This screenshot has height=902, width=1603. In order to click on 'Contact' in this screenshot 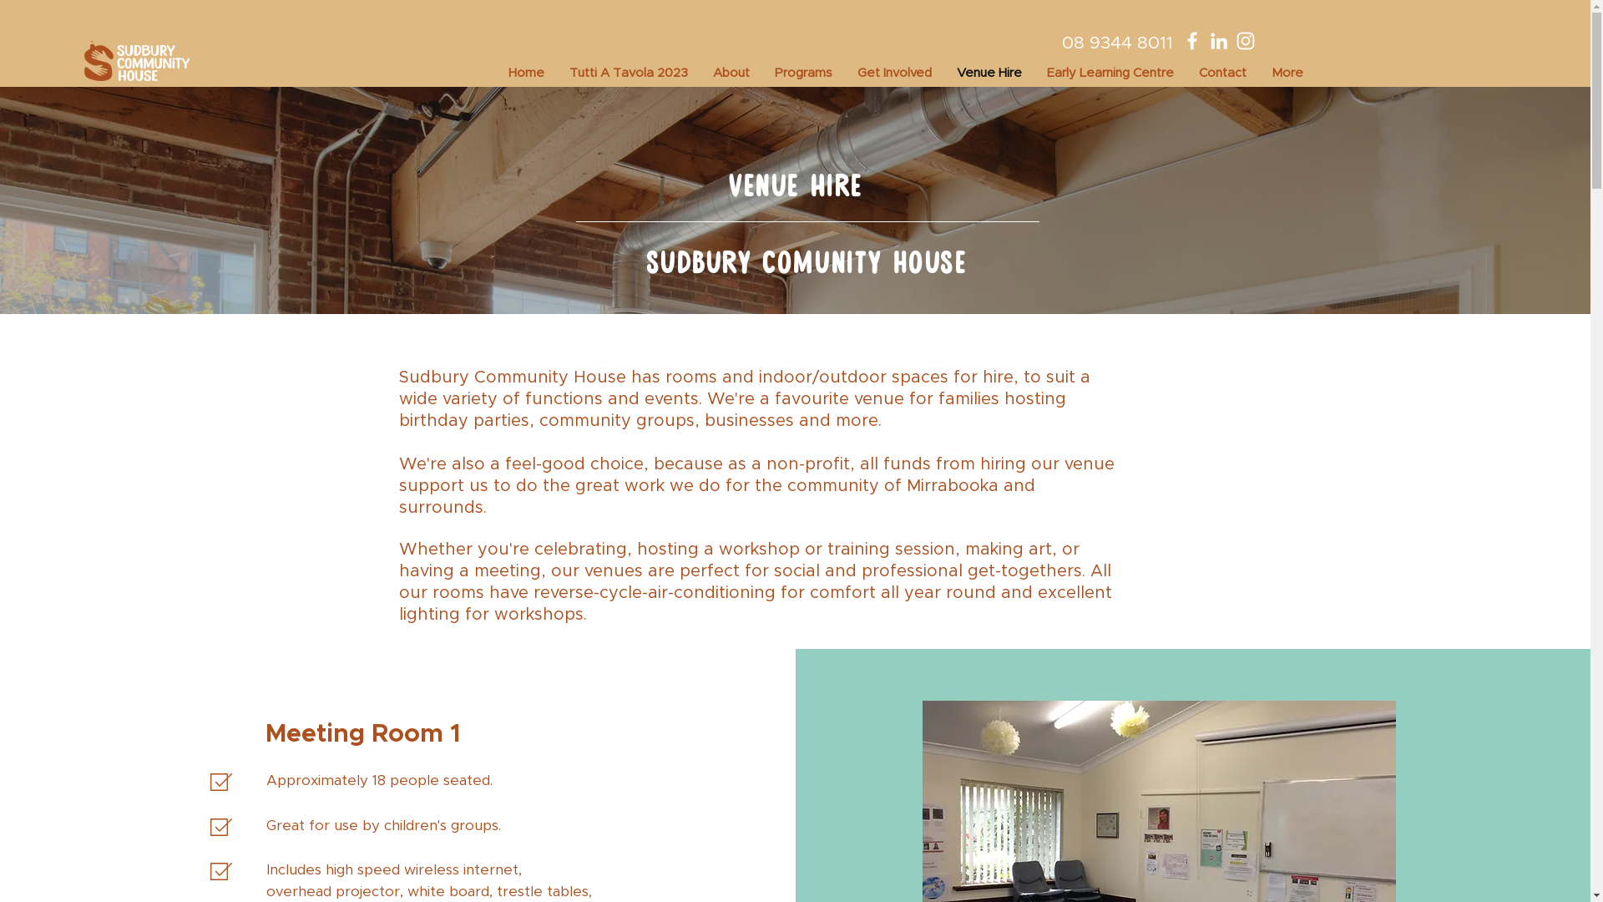, I will do `click(1222, 73)`.